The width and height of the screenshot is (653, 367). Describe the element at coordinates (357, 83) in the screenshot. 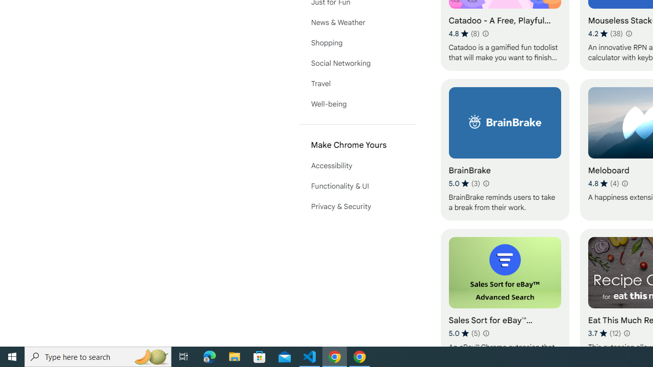

I see `'Travel'` at that location.